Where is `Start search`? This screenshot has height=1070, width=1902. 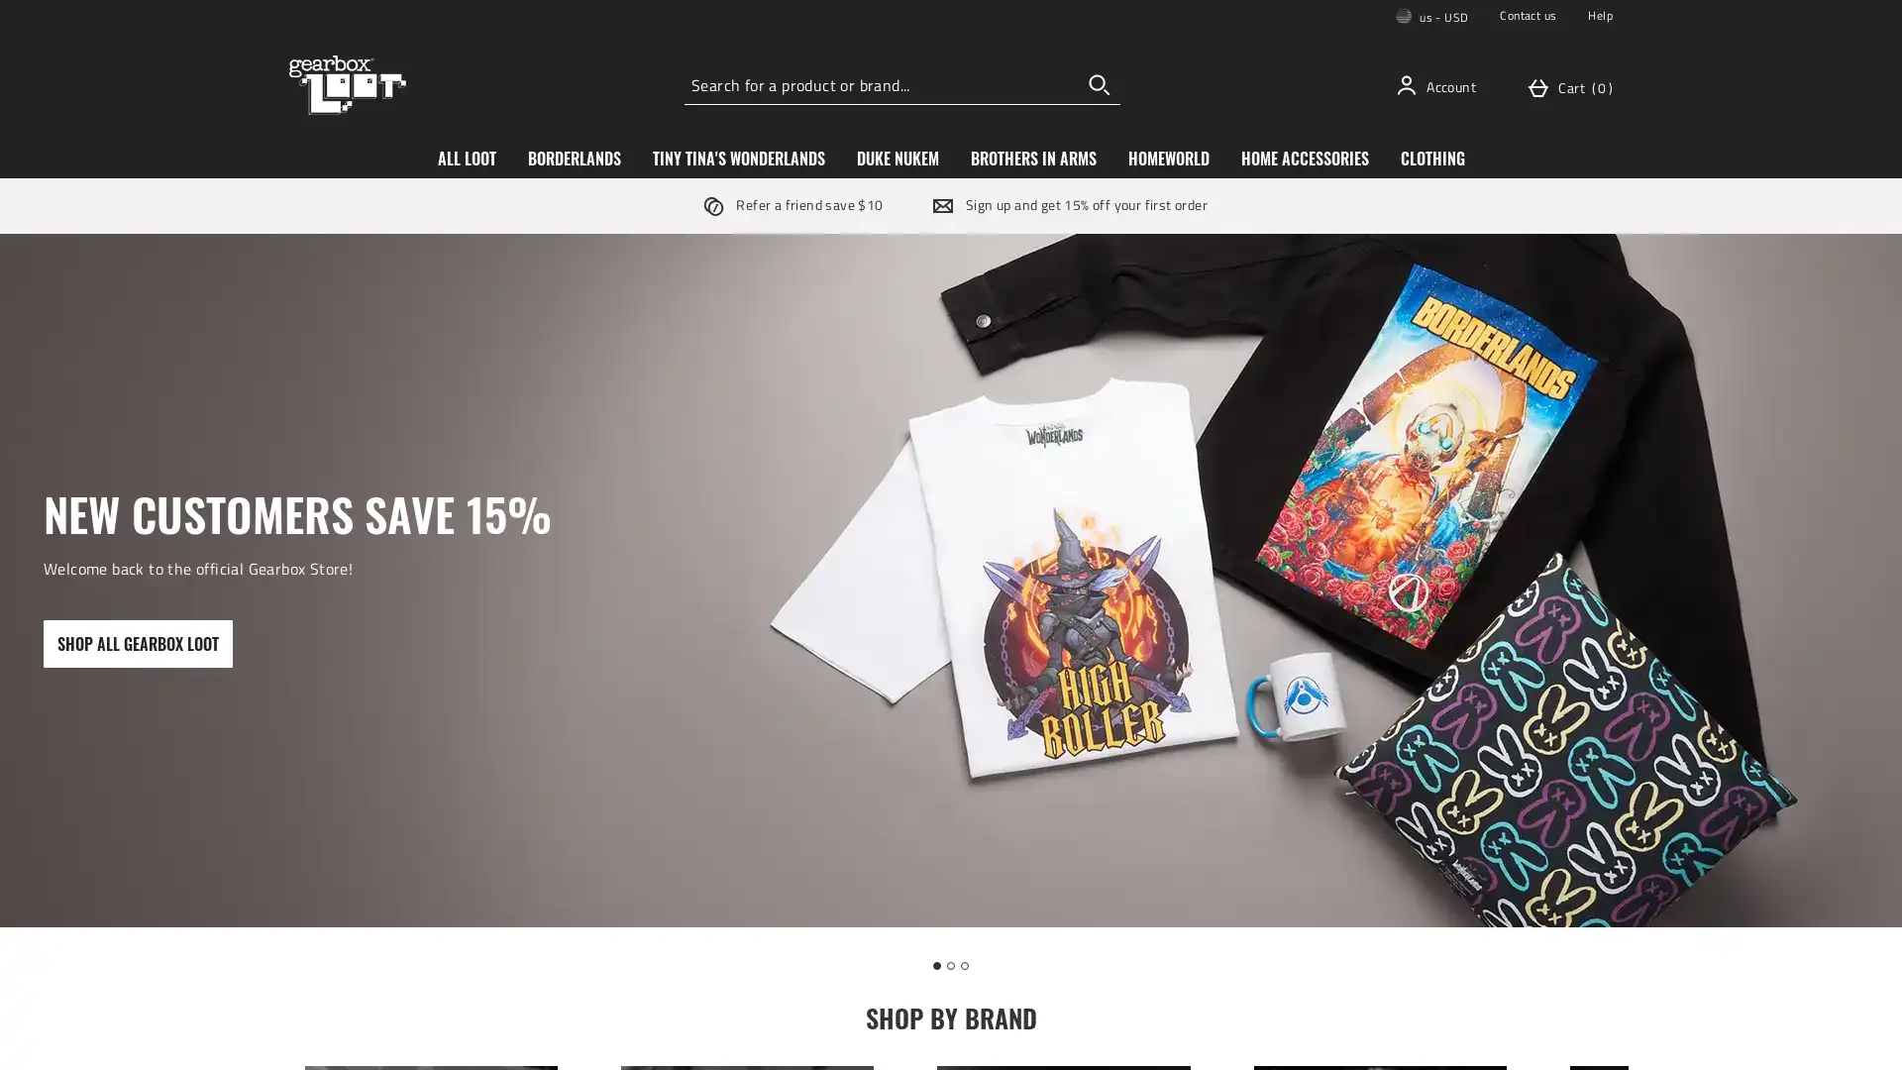 Start search is located at coordinates (1099, 83).